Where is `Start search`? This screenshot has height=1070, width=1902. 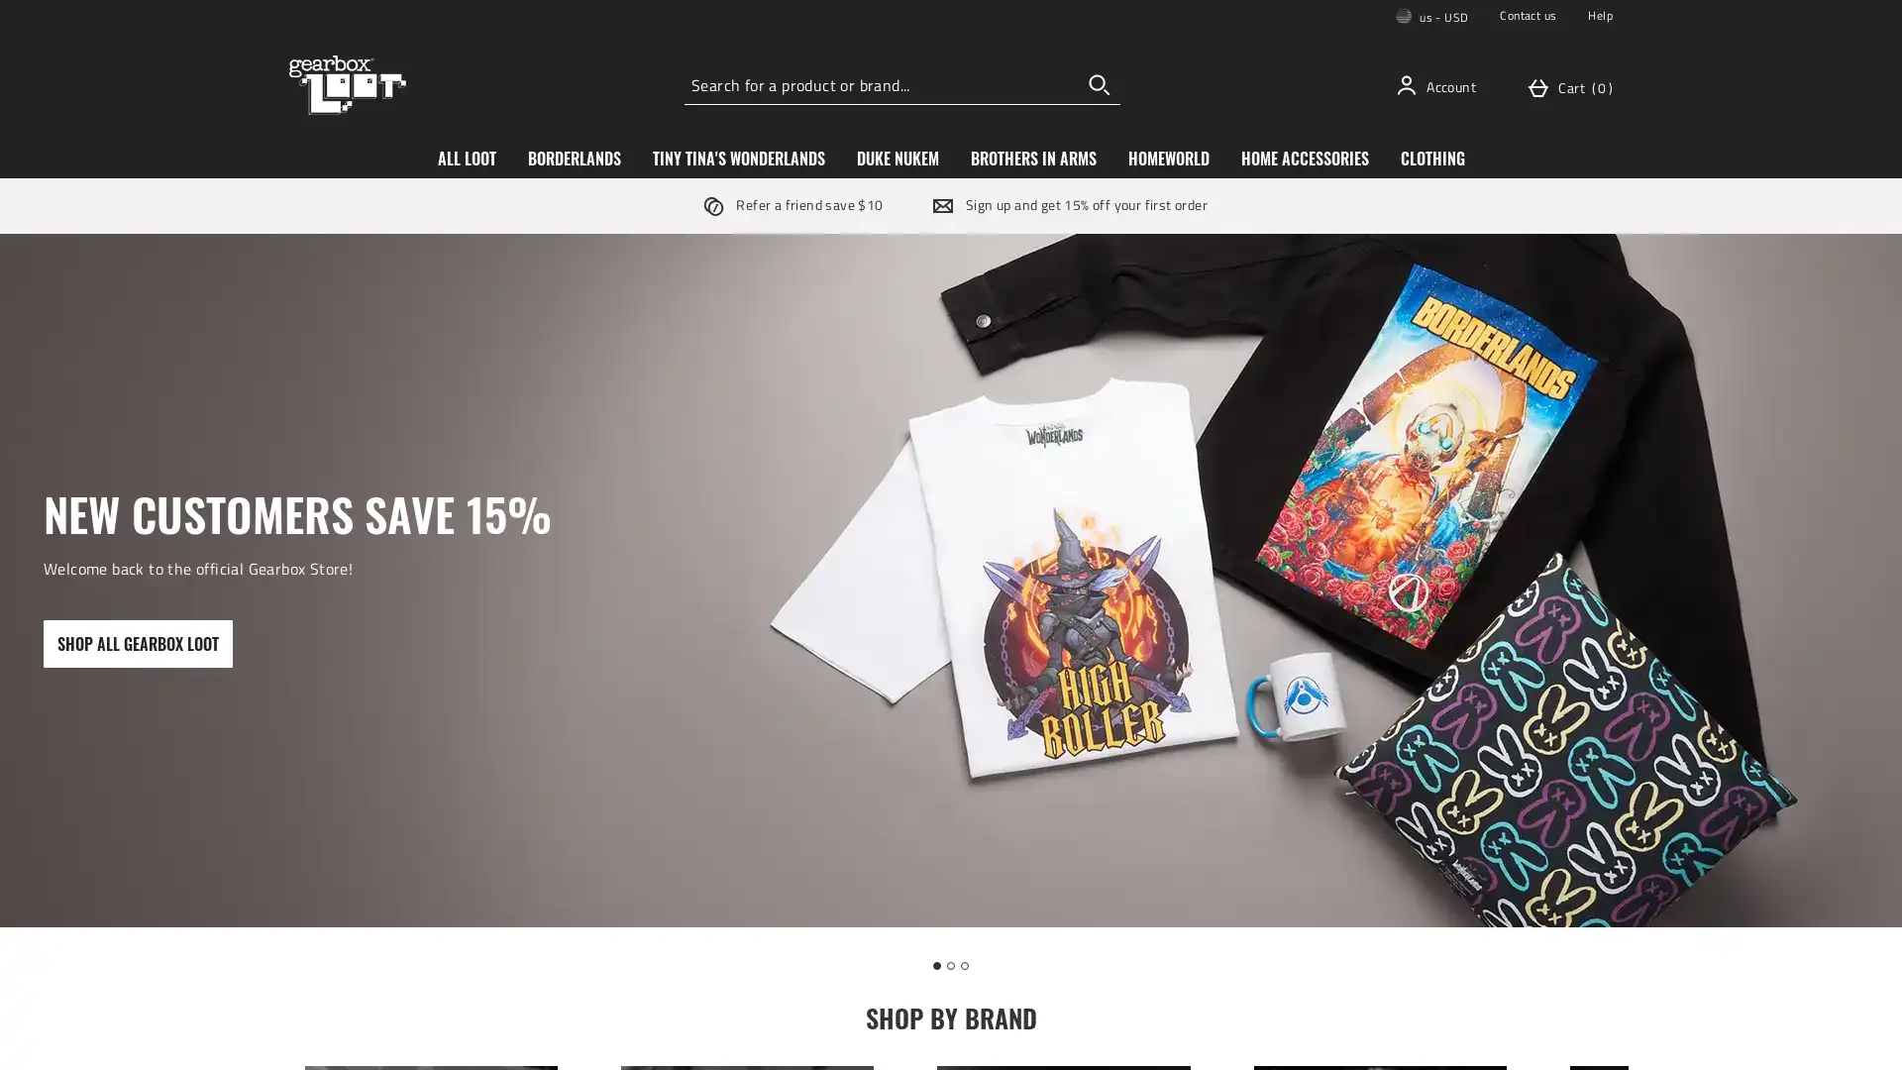 Start search is located at coordinates (1099, 83).